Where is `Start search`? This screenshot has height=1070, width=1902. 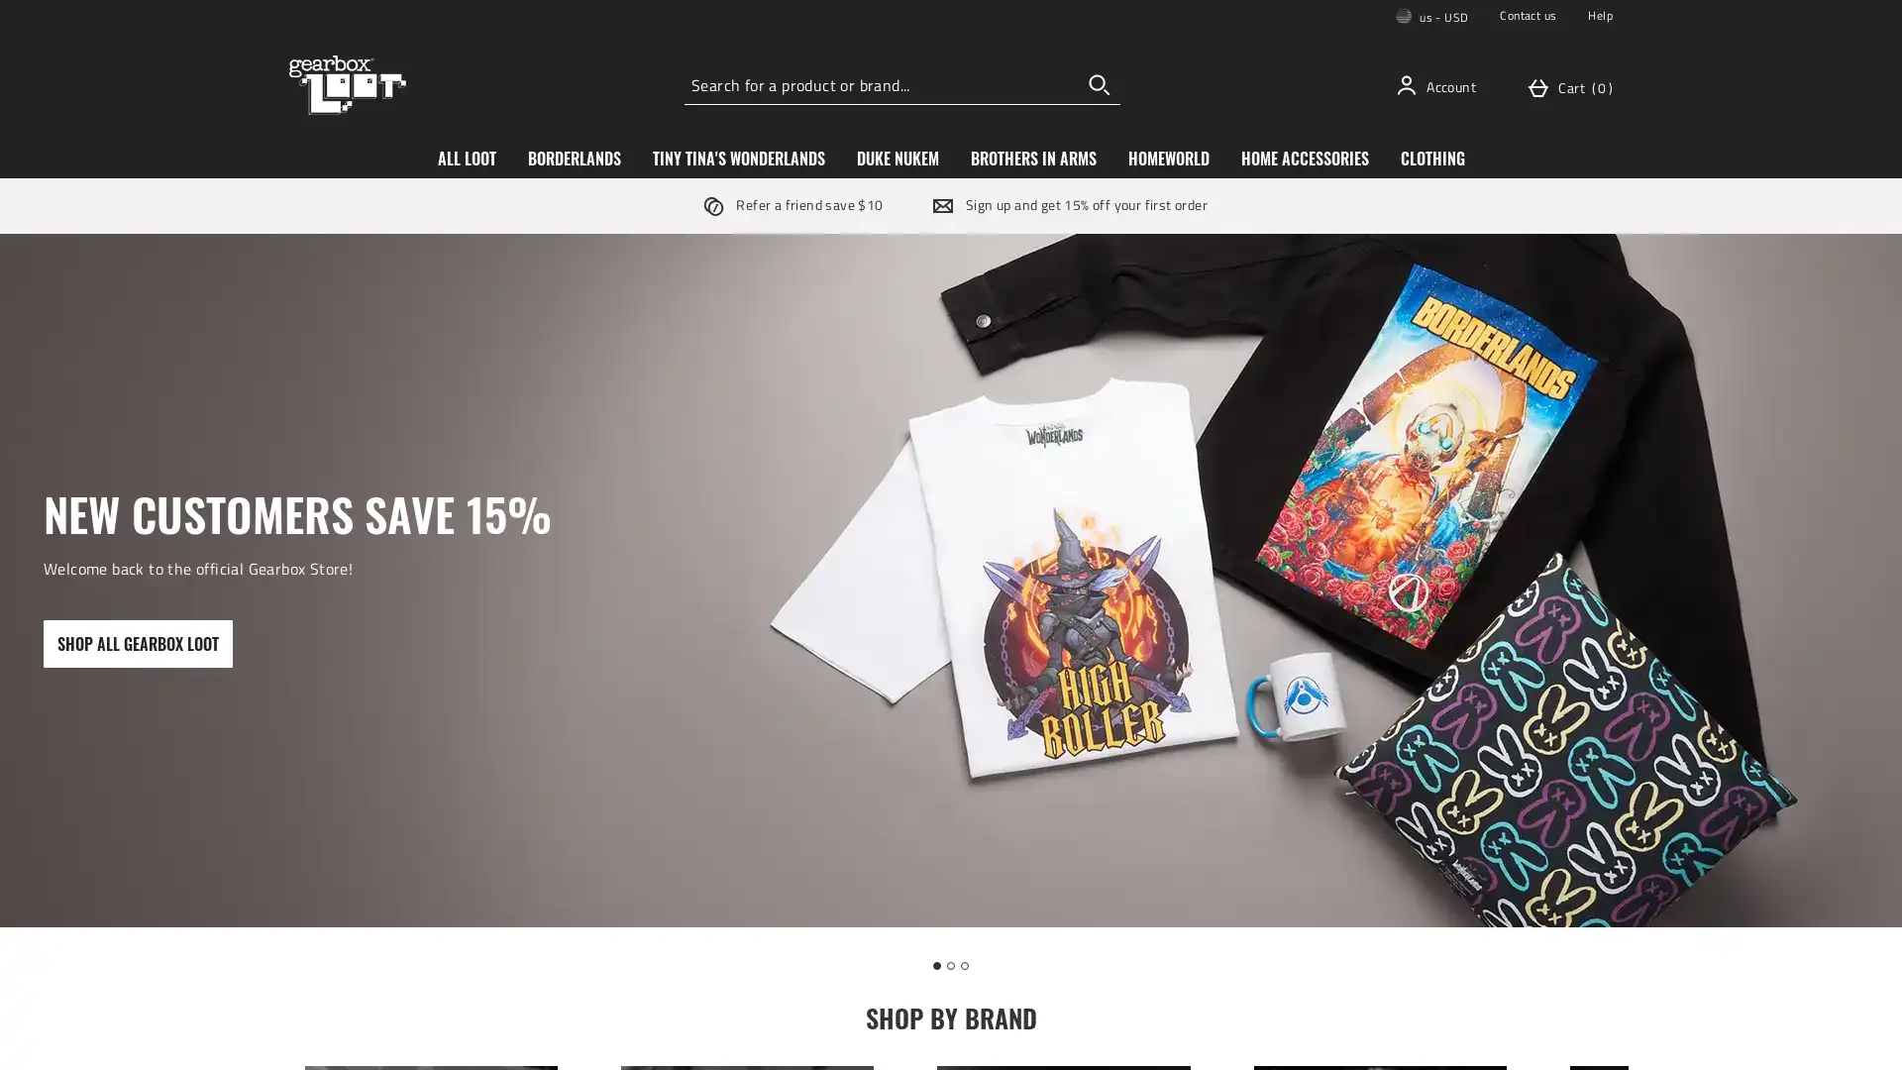 Start search is located at coordinates (1099, 83).